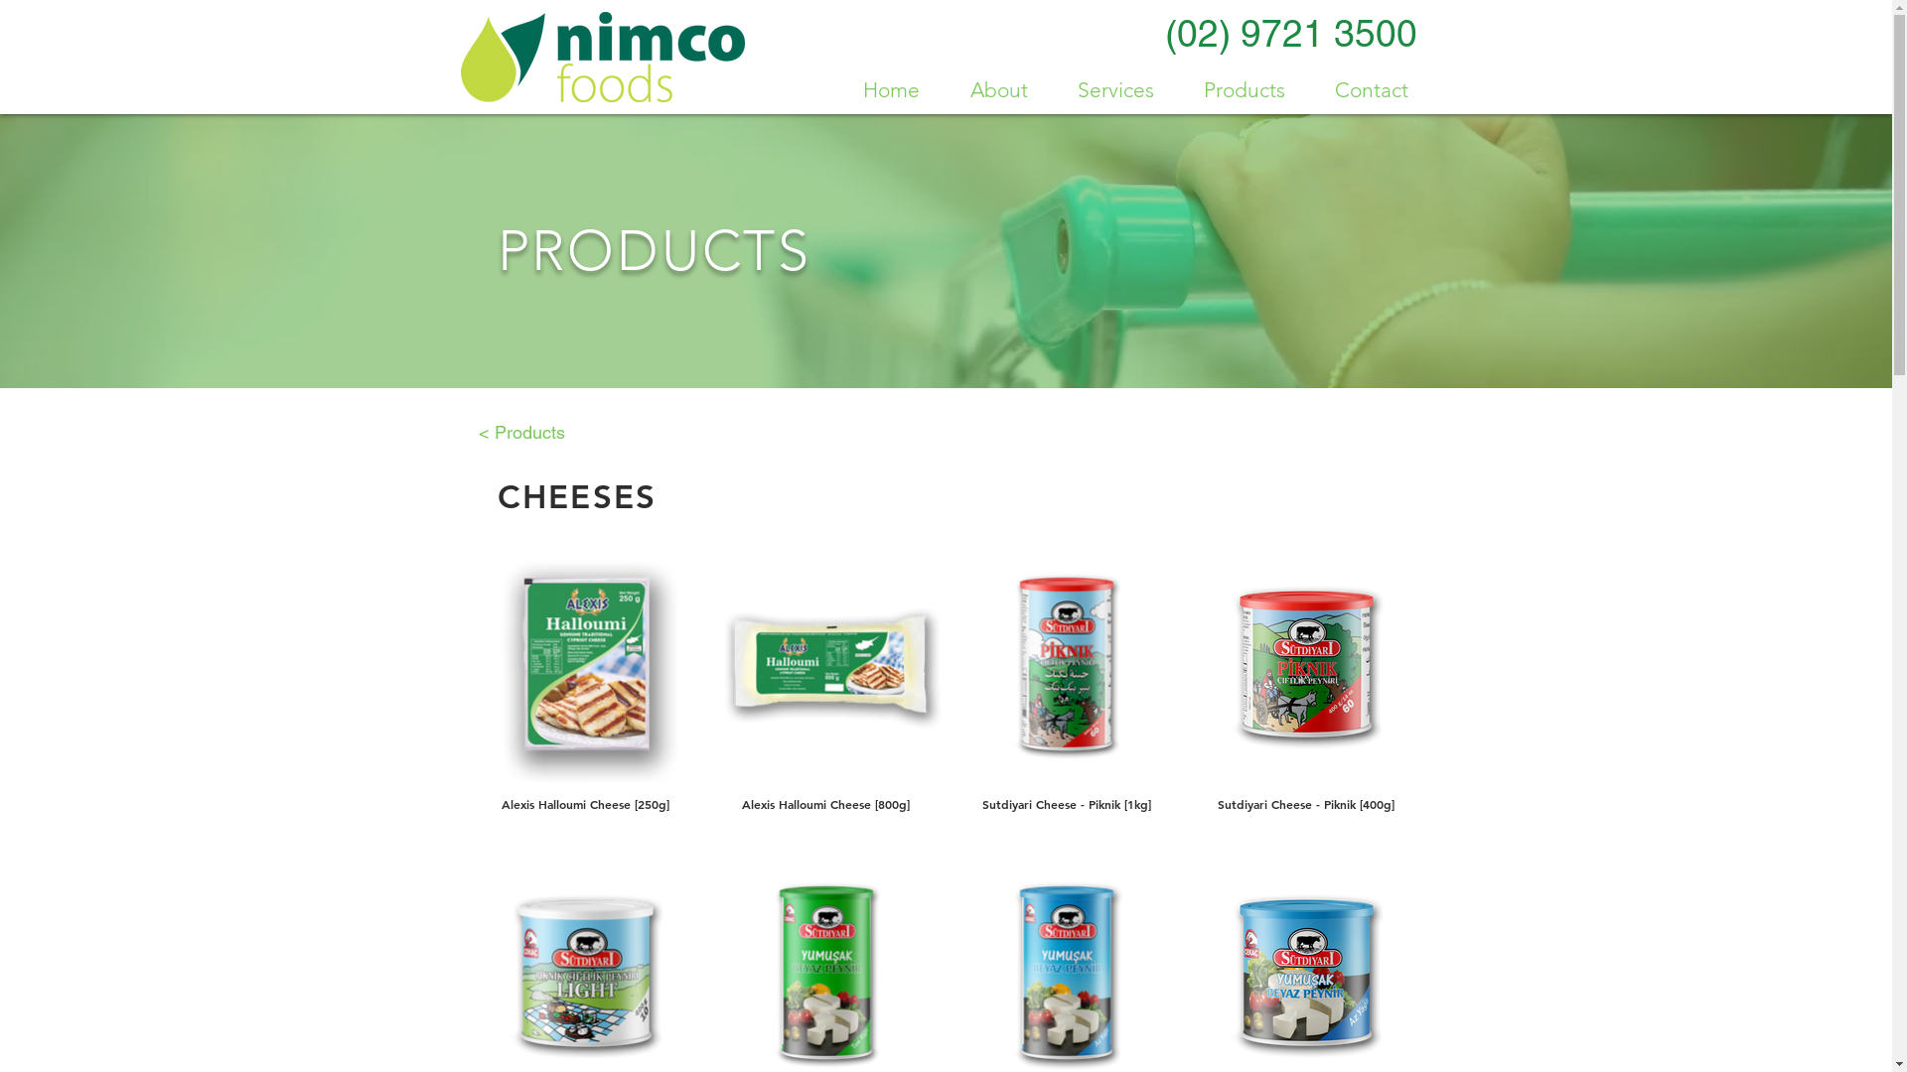 The width and height of the screenshot is (1907, 1072). I want to click on 'Home', so click(890, 89).